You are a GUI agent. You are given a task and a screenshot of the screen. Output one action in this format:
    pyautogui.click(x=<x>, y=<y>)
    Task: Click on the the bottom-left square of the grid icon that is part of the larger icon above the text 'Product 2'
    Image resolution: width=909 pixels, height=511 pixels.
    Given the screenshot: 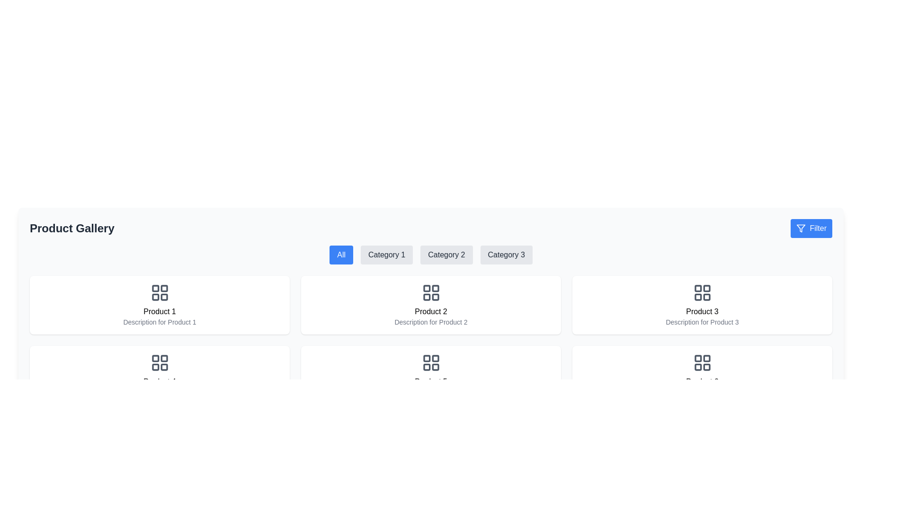 What is the action you would take?
    pyautogui.click(x=426, y=297)
    